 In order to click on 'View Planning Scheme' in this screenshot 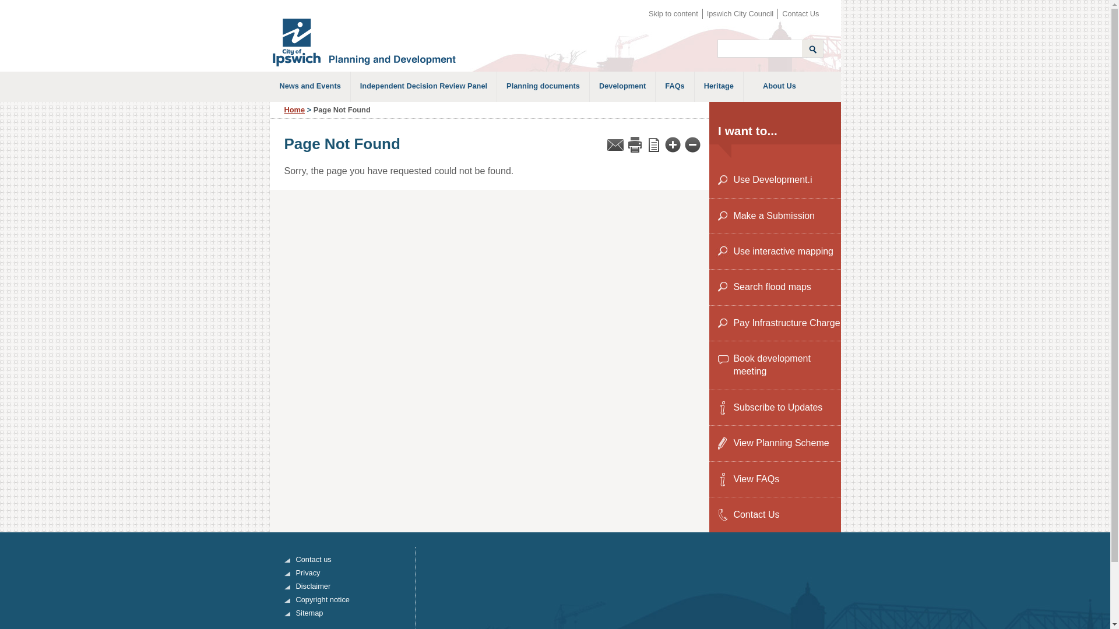, I will do `click(777, 443)`.